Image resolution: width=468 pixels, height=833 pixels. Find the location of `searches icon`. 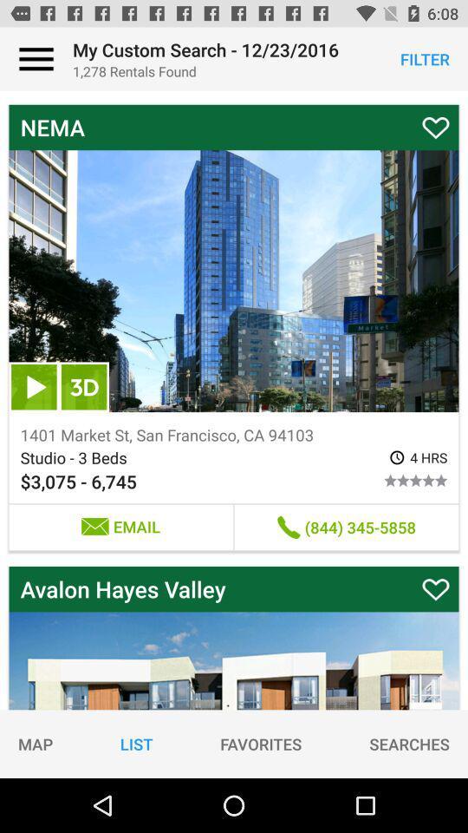

searches icon is located at coordinates (409, 743).